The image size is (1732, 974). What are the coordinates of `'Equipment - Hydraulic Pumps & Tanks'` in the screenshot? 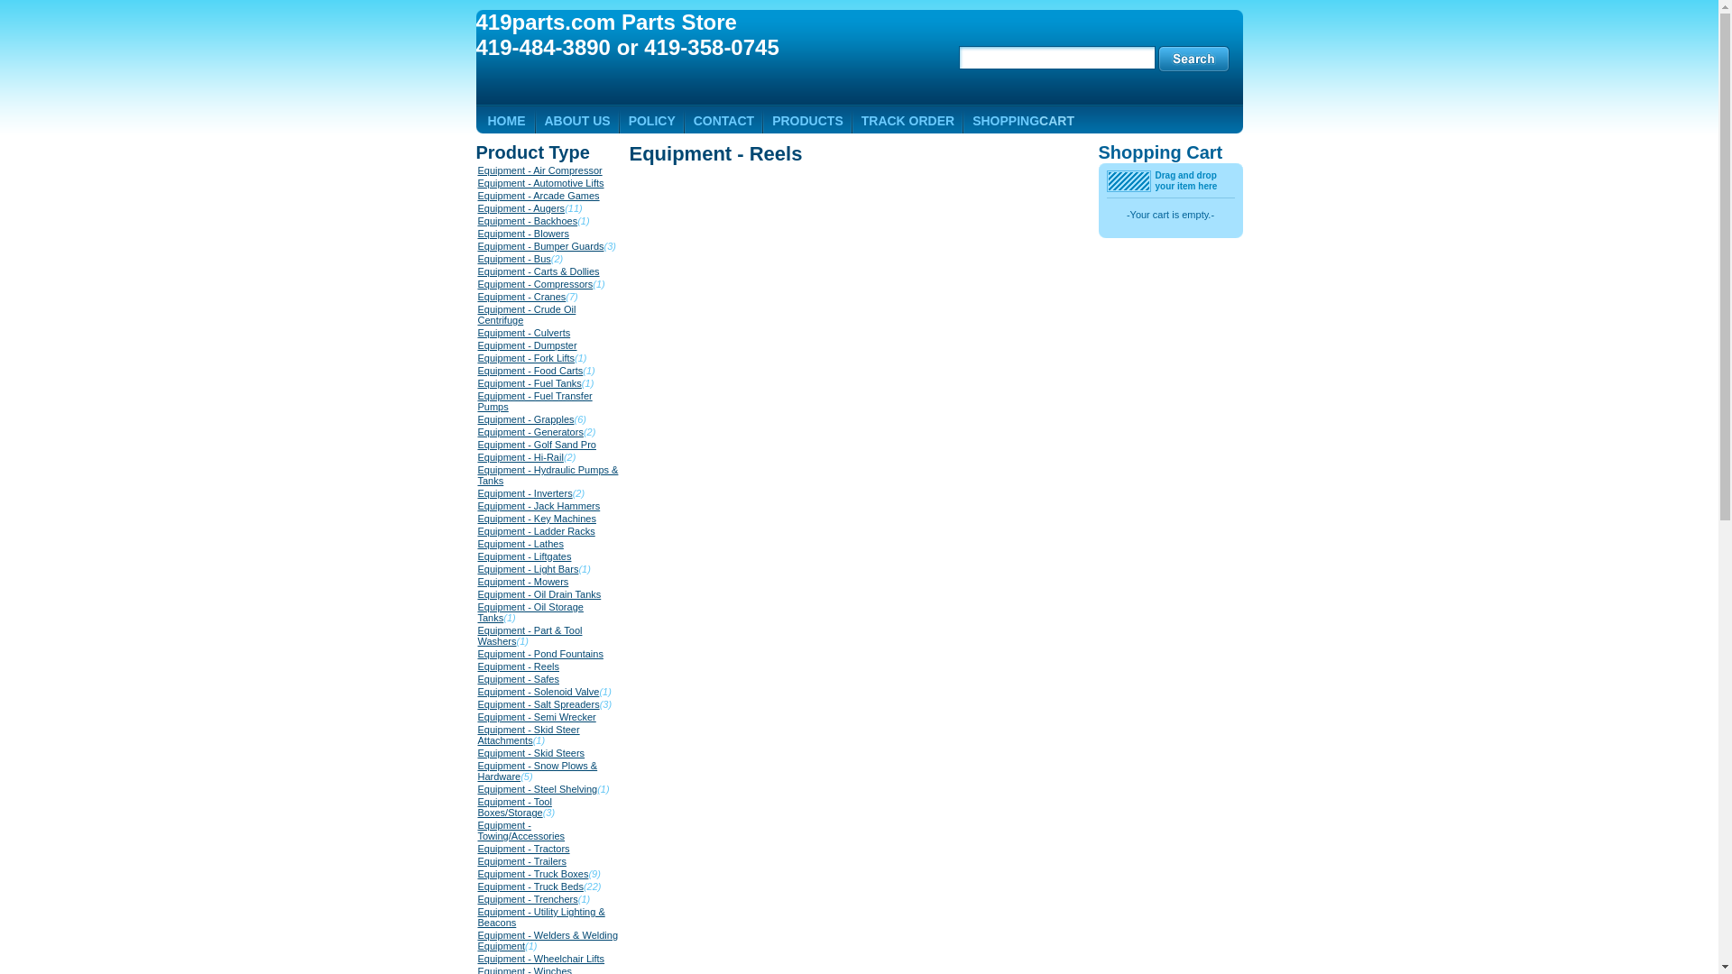 It's located at (477, 474).